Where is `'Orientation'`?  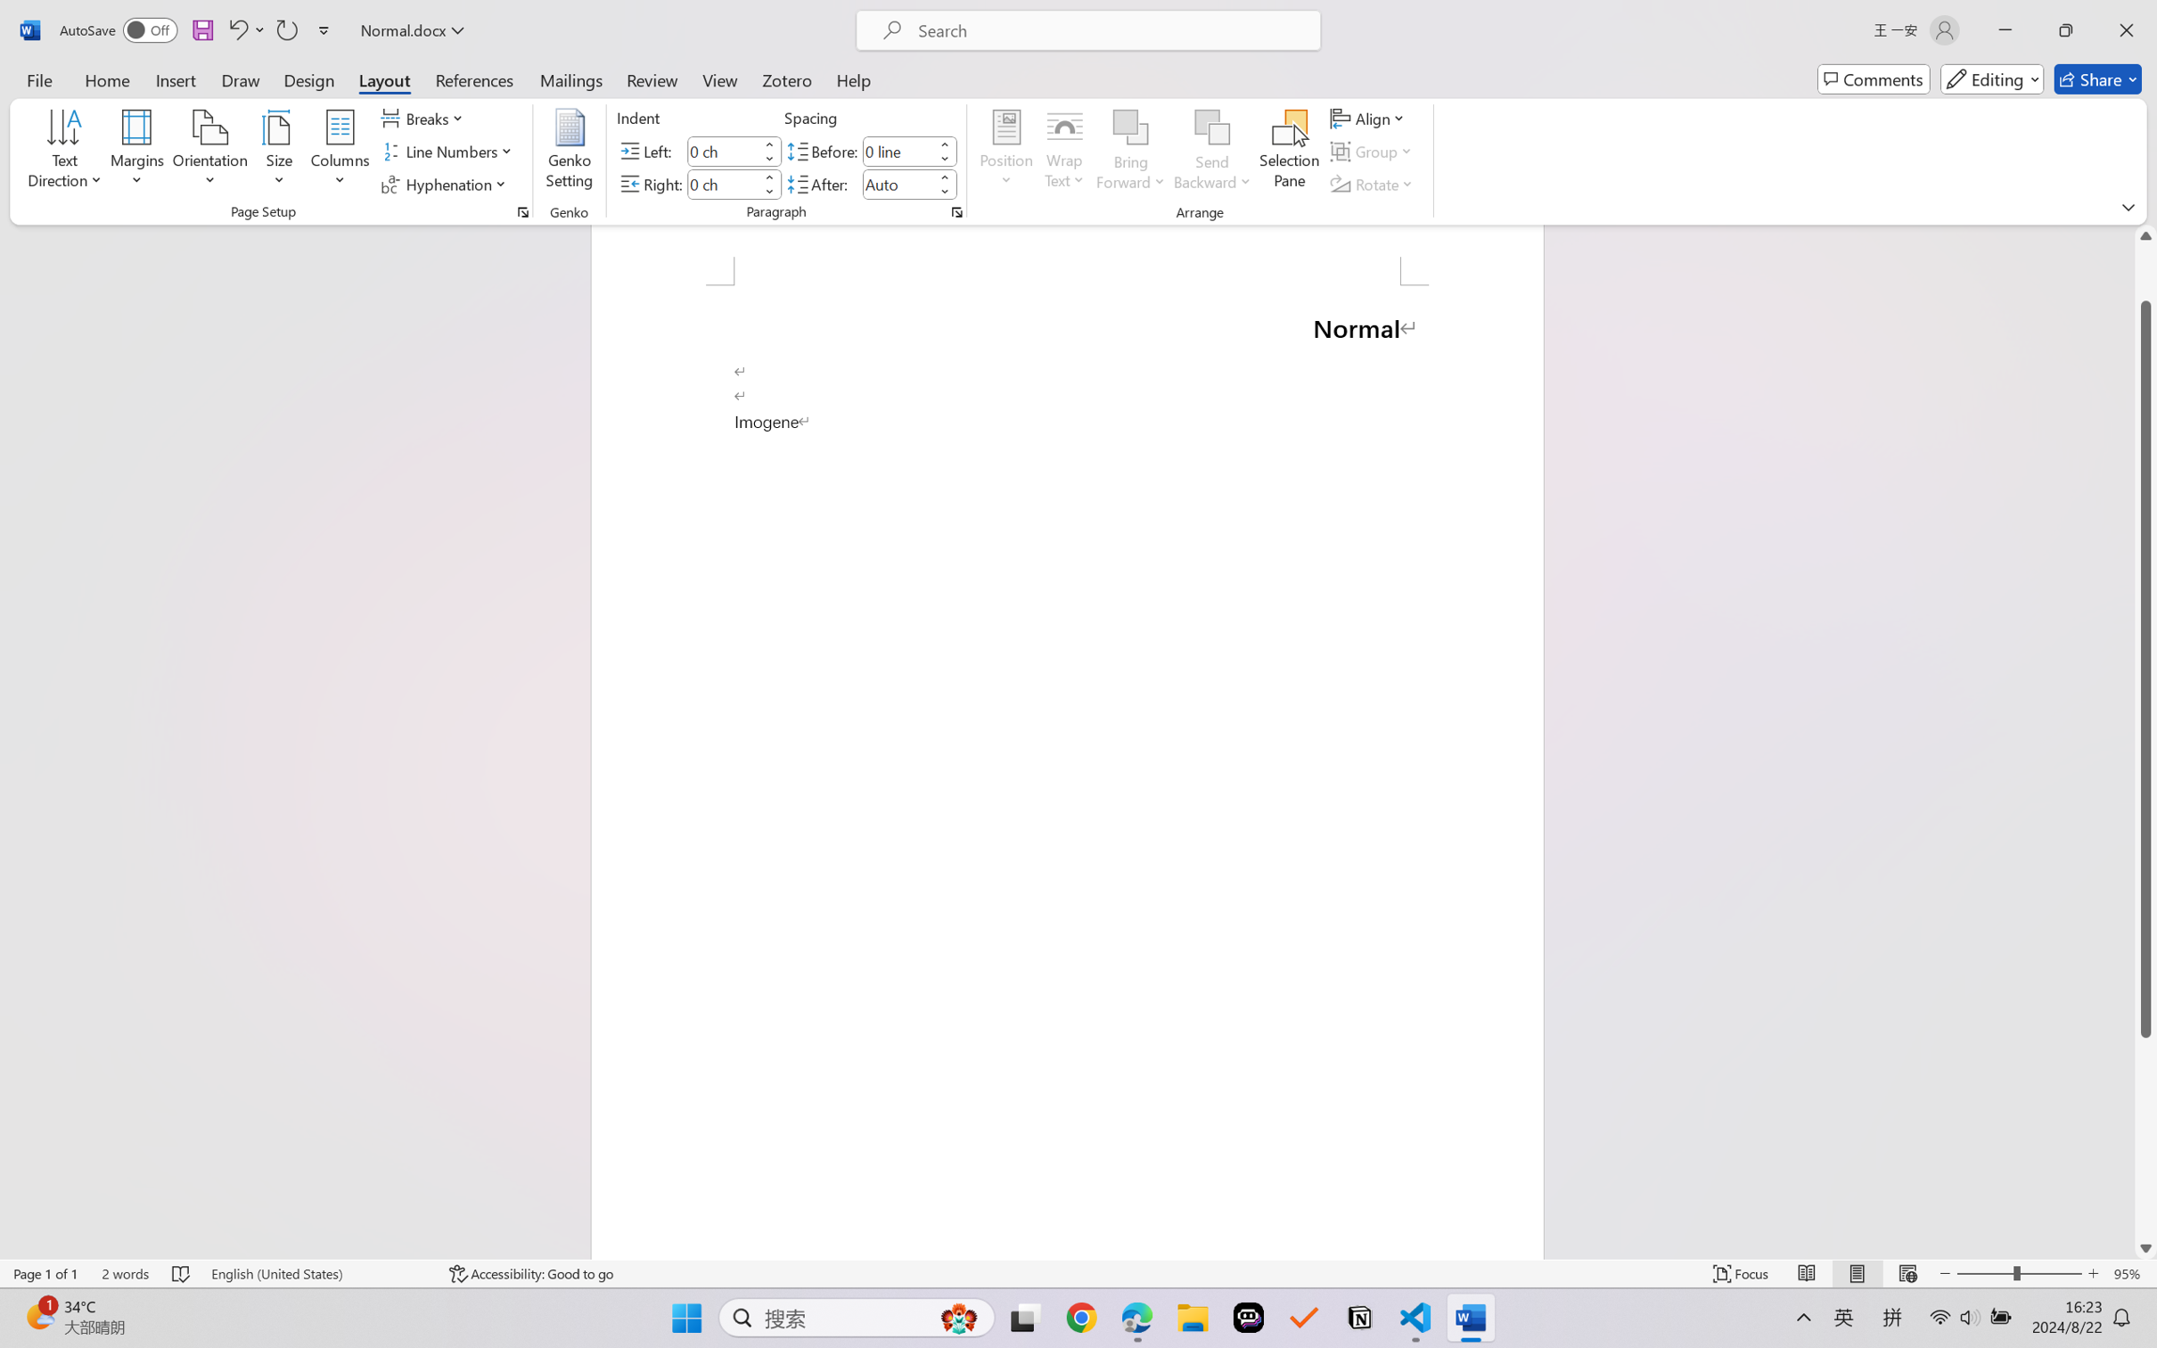 'Orientation' is located at coordinates (209, 152).